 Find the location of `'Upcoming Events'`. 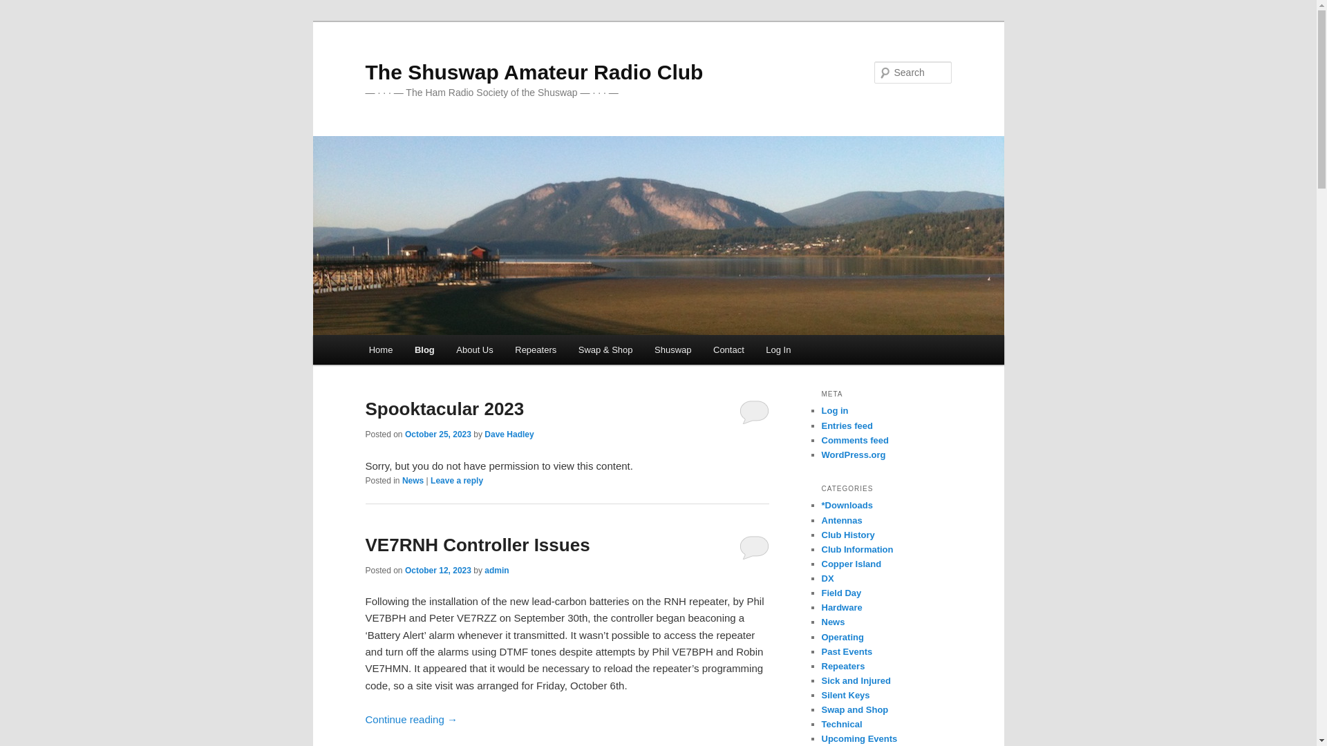

'Upcoming Events' is located at coordinates (858, 738).